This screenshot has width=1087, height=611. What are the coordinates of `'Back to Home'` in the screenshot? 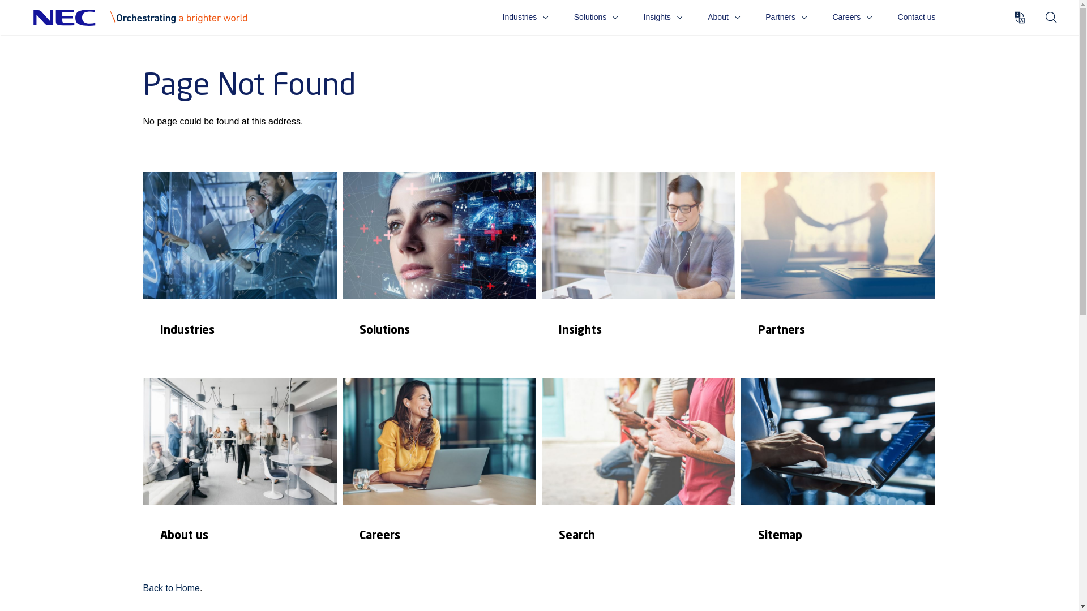 It's located at (170, 587).